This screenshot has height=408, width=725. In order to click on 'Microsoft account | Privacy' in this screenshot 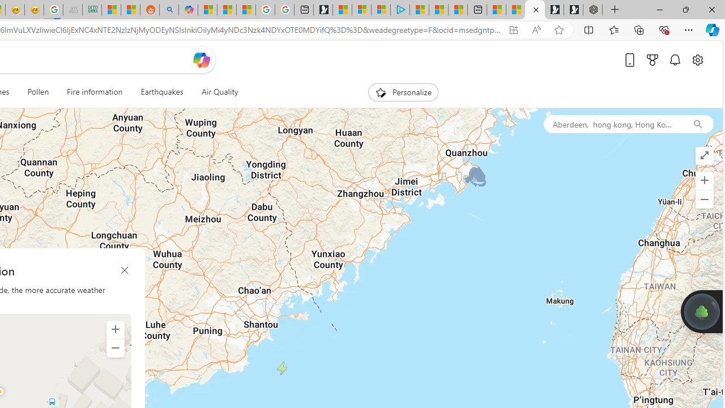, I will do `click(381, 10)`.